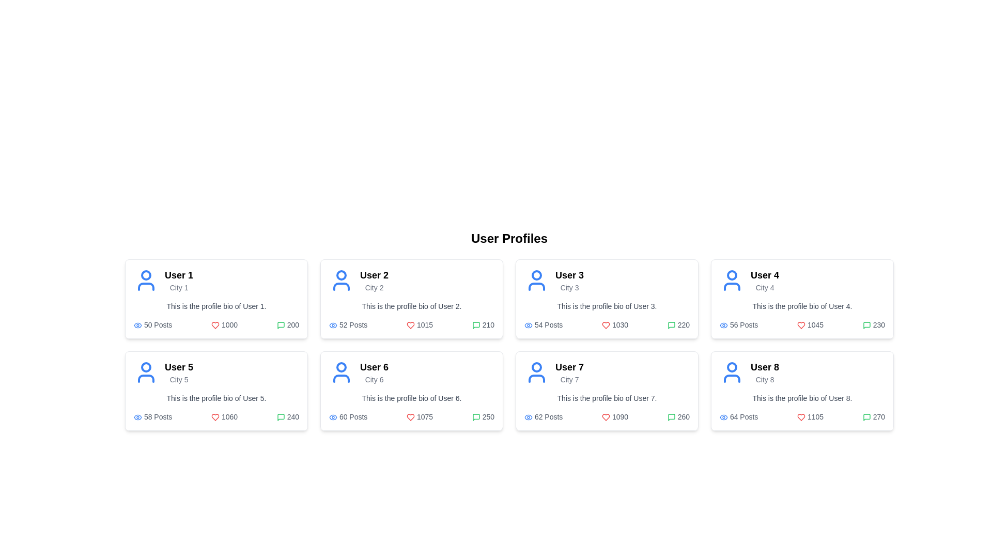 The image size is (992, 558). Describe the element at coordinates (866, 326) in the screenshot. I see `the green SVG message icon located in the profile card for 'User 4', which indicates communication and is positioned next to the count label '230'` at that location.